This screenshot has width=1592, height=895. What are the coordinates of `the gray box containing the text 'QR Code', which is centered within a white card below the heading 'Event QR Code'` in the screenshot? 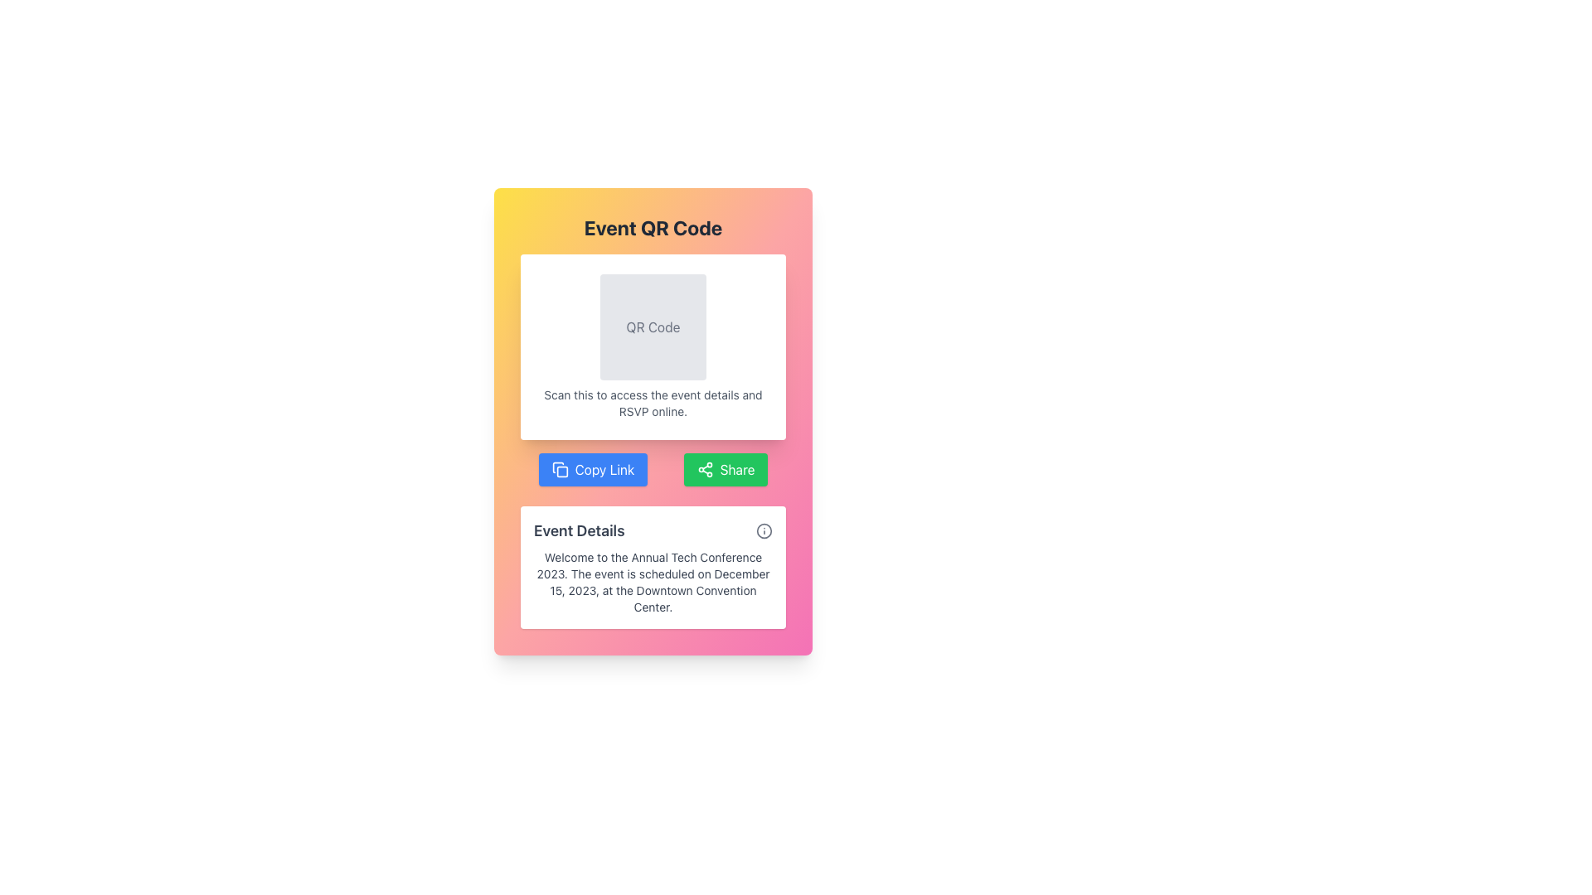 It's located at (652, 327).